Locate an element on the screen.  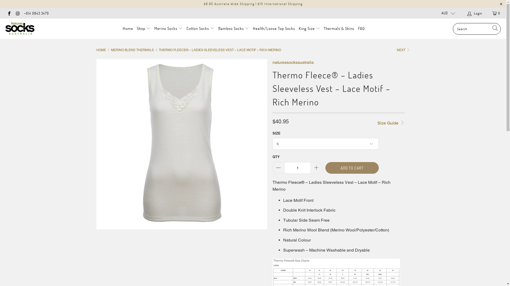
'naturessocksaustralia' is located at coordinates (273, 62).